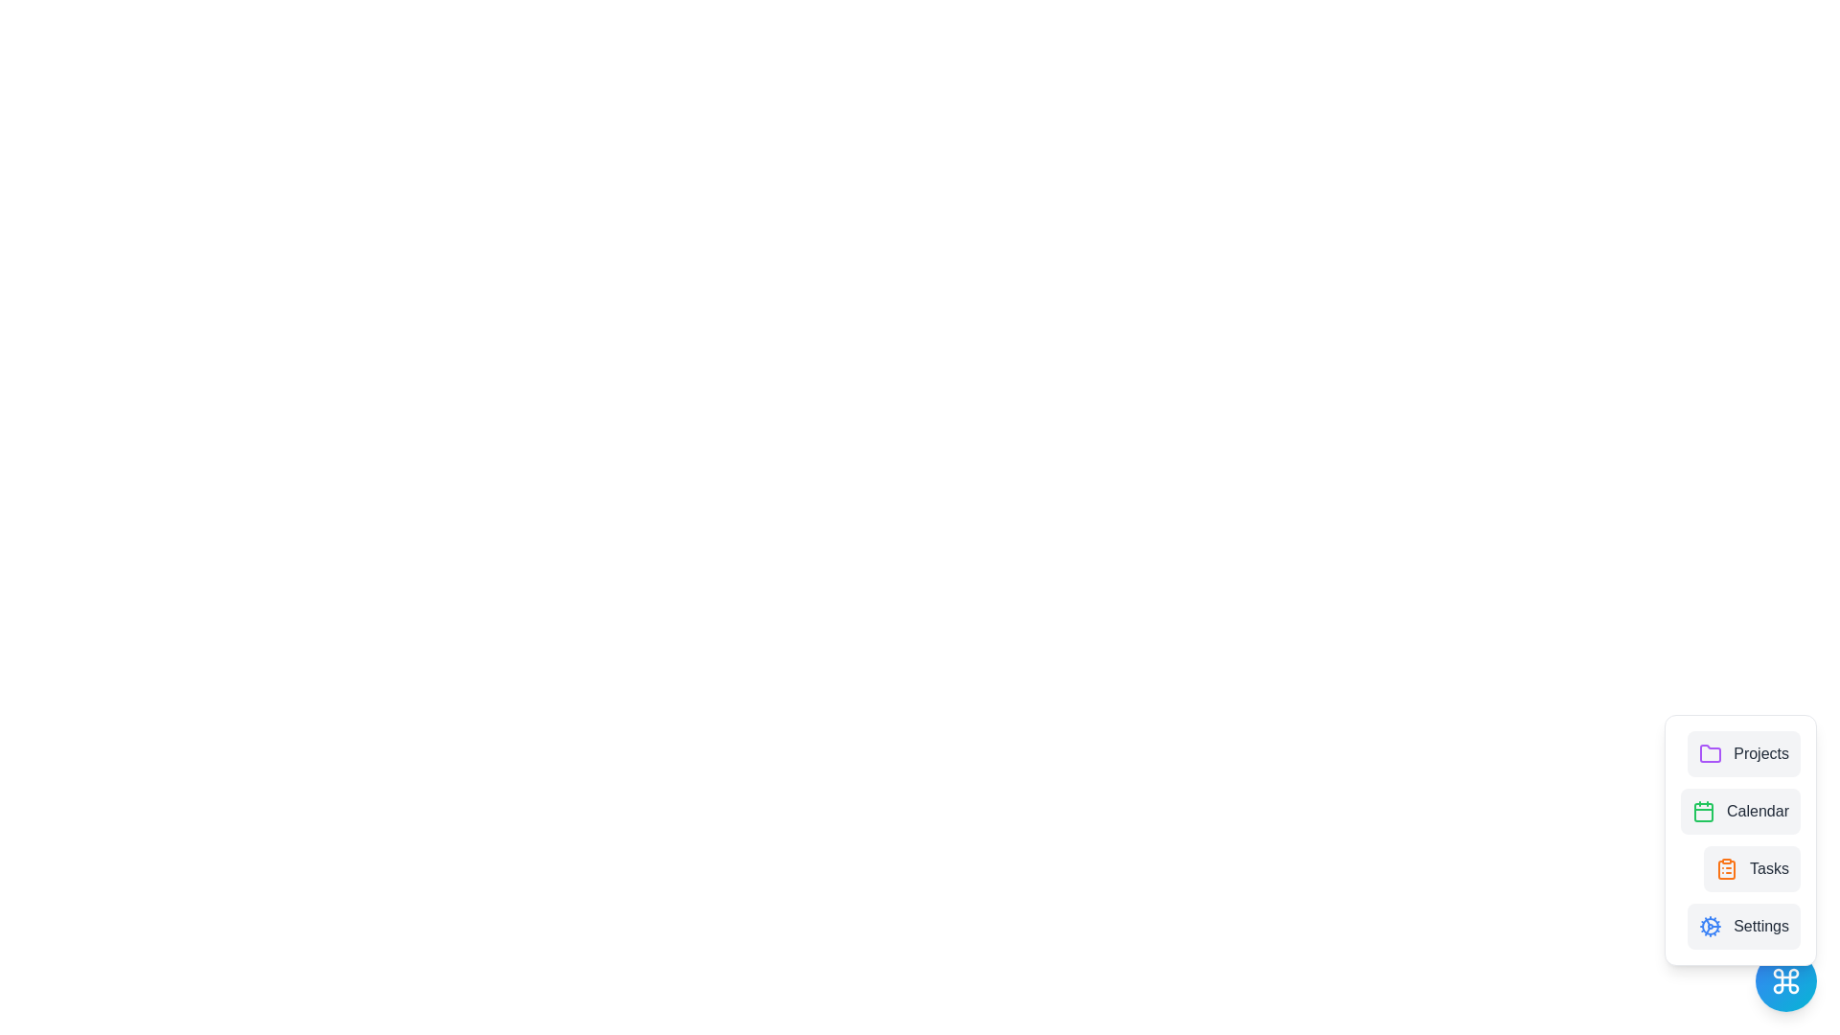 This screenshot has width=1840, height=1035. What do you see at coordinates (1743, 926) in the screenshot?
I see `the Settings from the menu` at bounding box center [1743, 926].